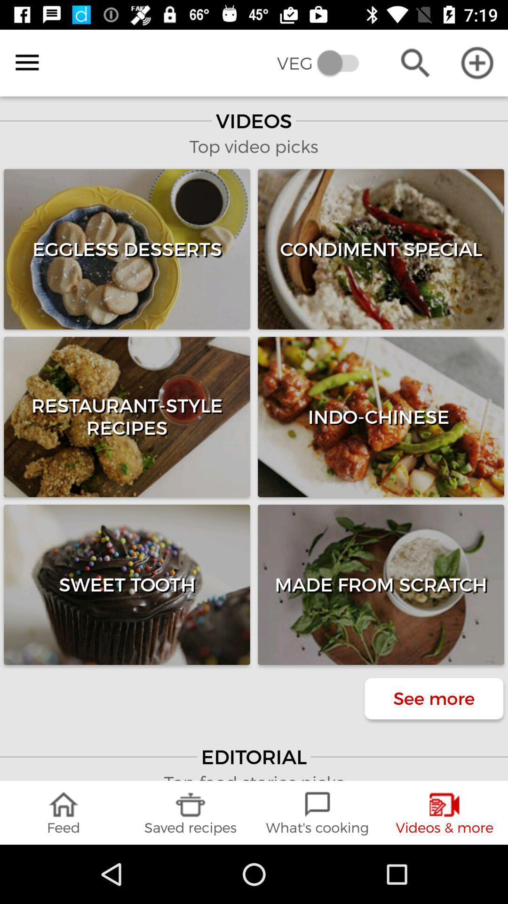 This screenshot has width=508, height=904. What do you see at coordinates (444, 812) in the screenshot?
I see `the item to the right of the what's cooking icon` at bounding box center [444, 812].